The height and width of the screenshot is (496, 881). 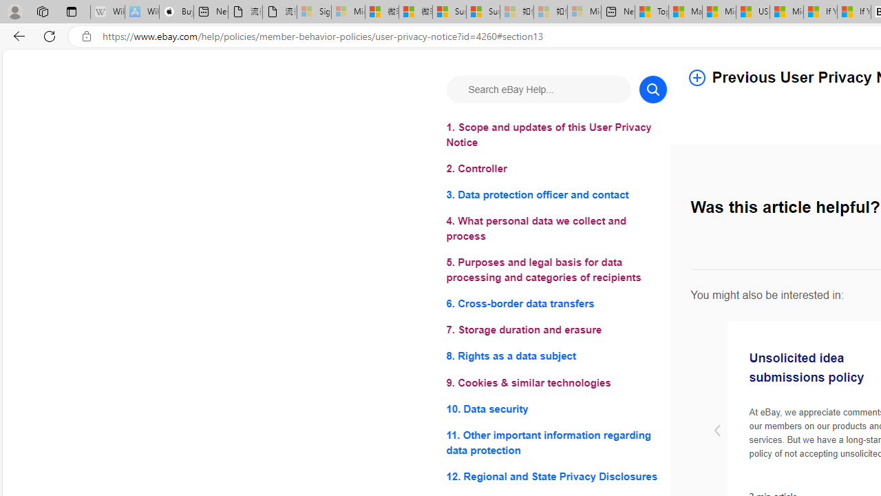 I want to click on '4. What personal data we collect and process', so click(x=556, y=228).